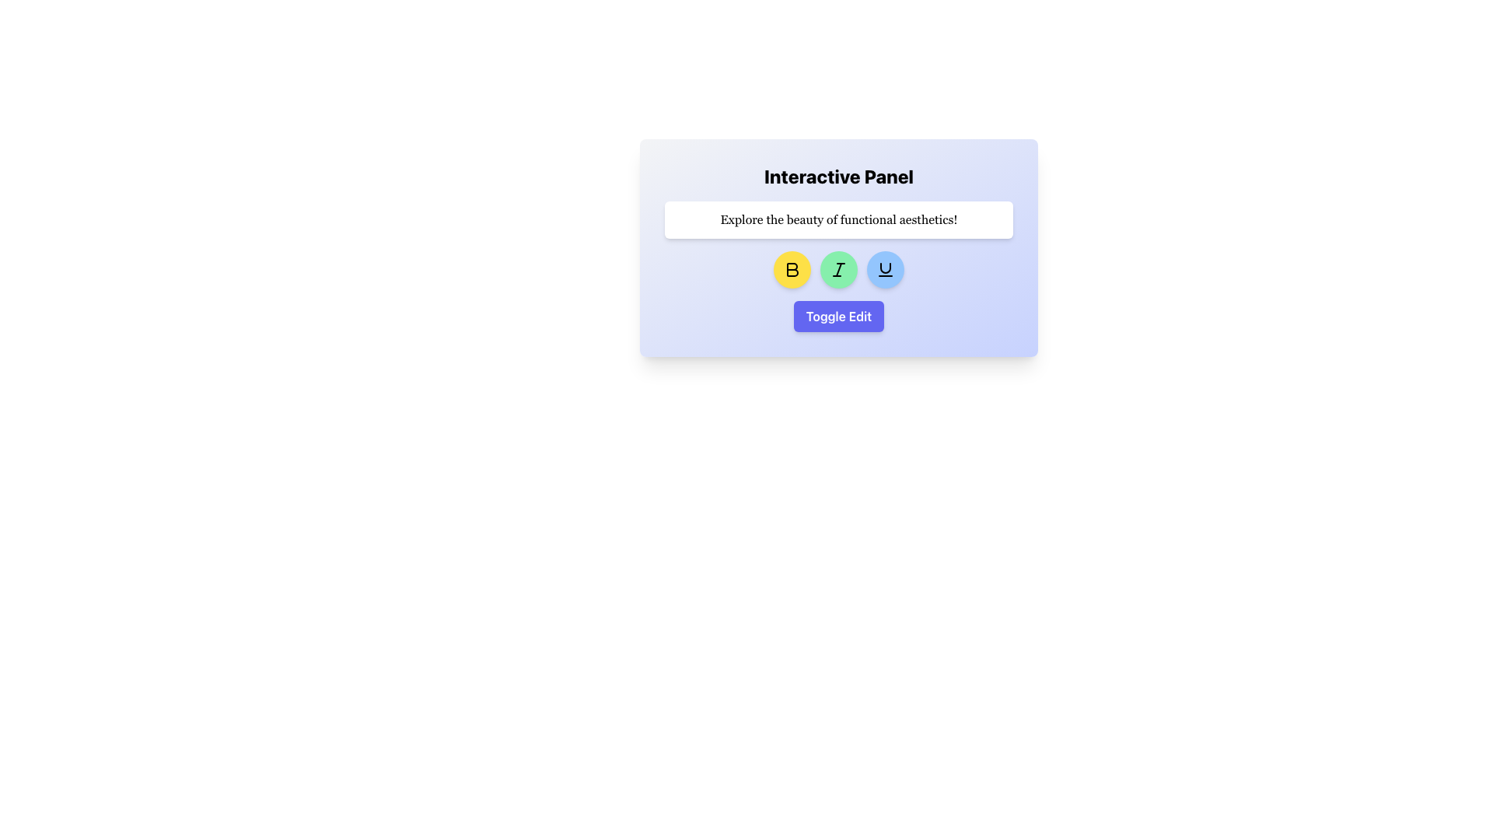  What do you see at coordinates (885, 269) in the screenshot?
I see `the underline icon button, which is the third circular button from the left in a horizontal row` at bounding box center [885, 269].